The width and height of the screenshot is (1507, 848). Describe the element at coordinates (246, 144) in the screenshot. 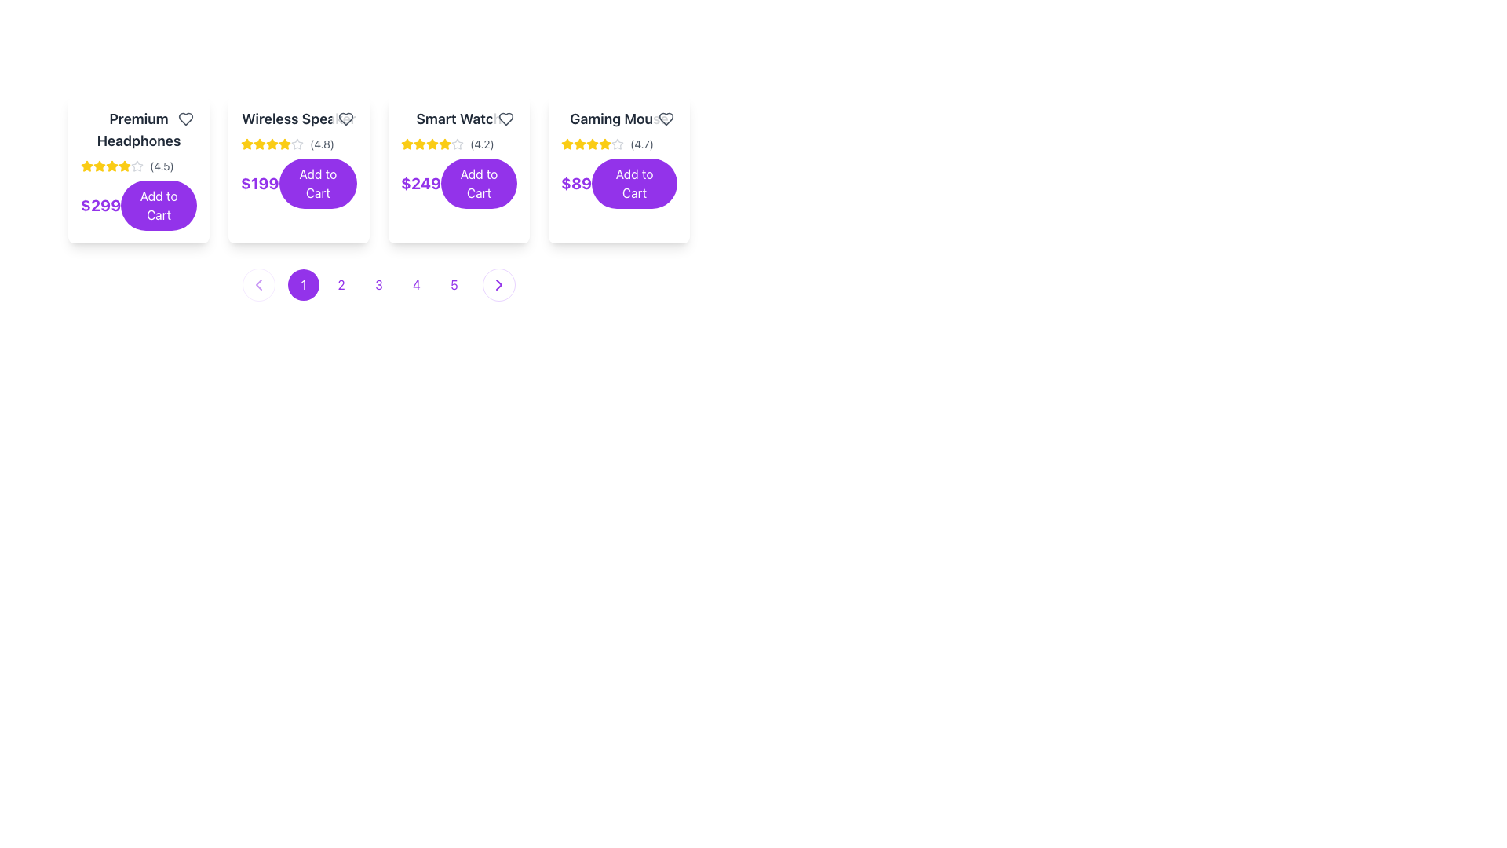

I see `the leftmost star icon in the rating group of the 'Wireless Speaker' product card, which is visually represented by a yellow filled star and is located just below the product title and above the price and 'Add to Cart' button` at that location.